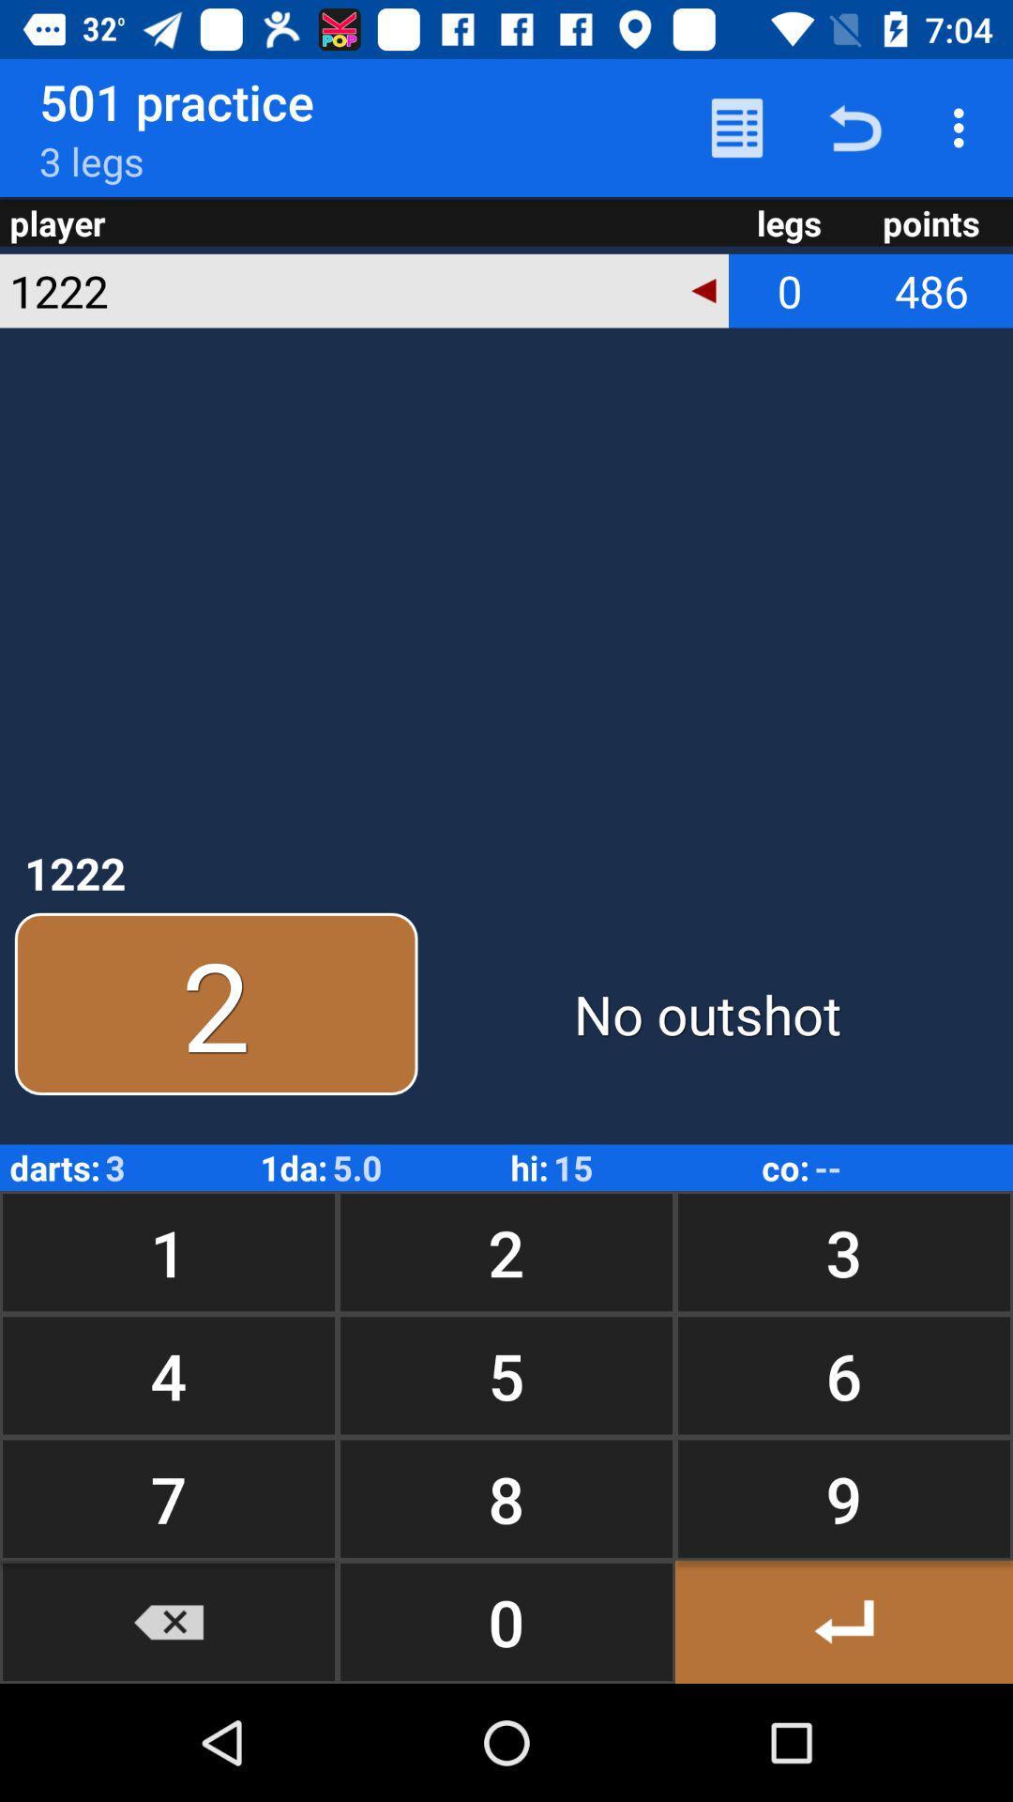 The width and height of the screenshot is (1013, 1802). What do you see at coordinates (506, 1498) in the screenshot?
I see `8 button` at bounding box center [506, 1498].